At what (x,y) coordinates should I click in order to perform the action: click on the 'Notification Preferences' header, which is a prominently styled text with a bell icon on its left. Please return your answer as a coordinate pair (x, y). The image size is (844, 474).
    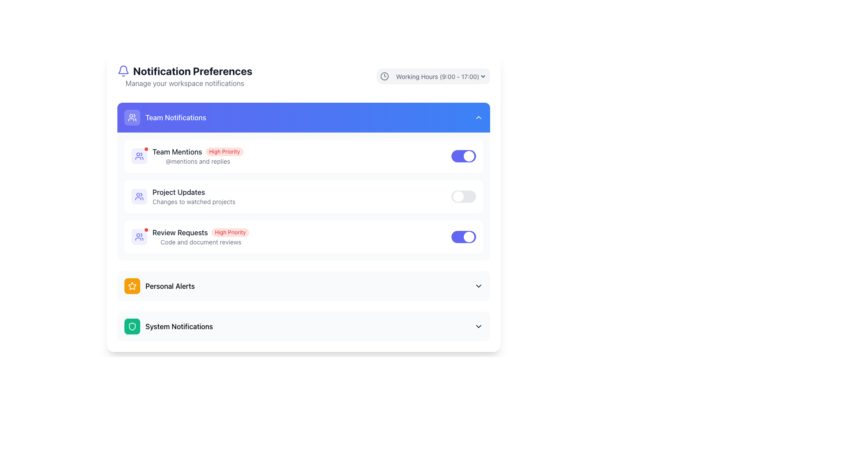
    Looking at the image, I should click on (184, 71).